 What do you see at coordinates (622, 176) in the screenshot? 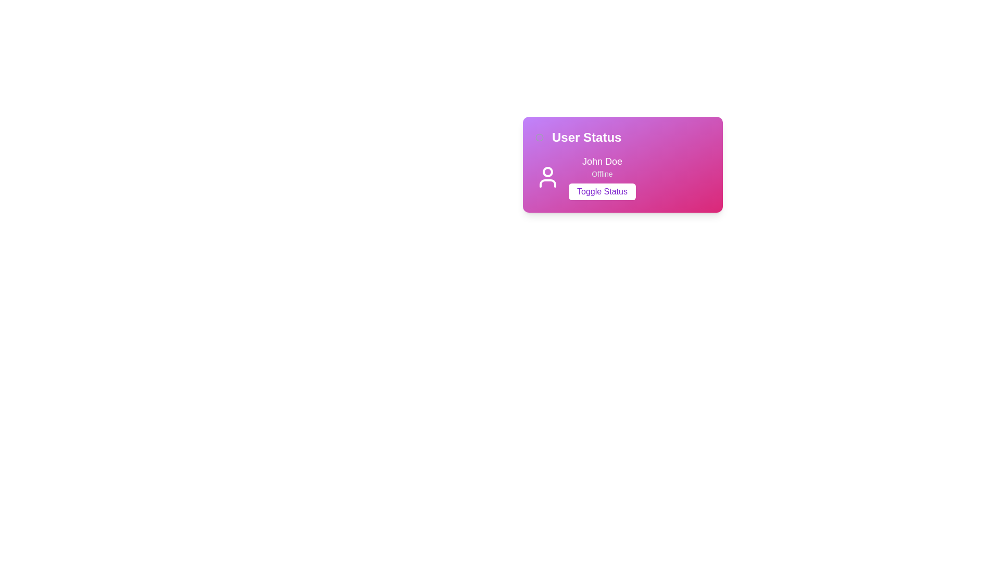
I see `the 'Toggle Status' button located in the lower central portion of the 'User Status' card, which displays the user's profile picture, name, and current online status ('Offline')` at bounding box center [622, 176].